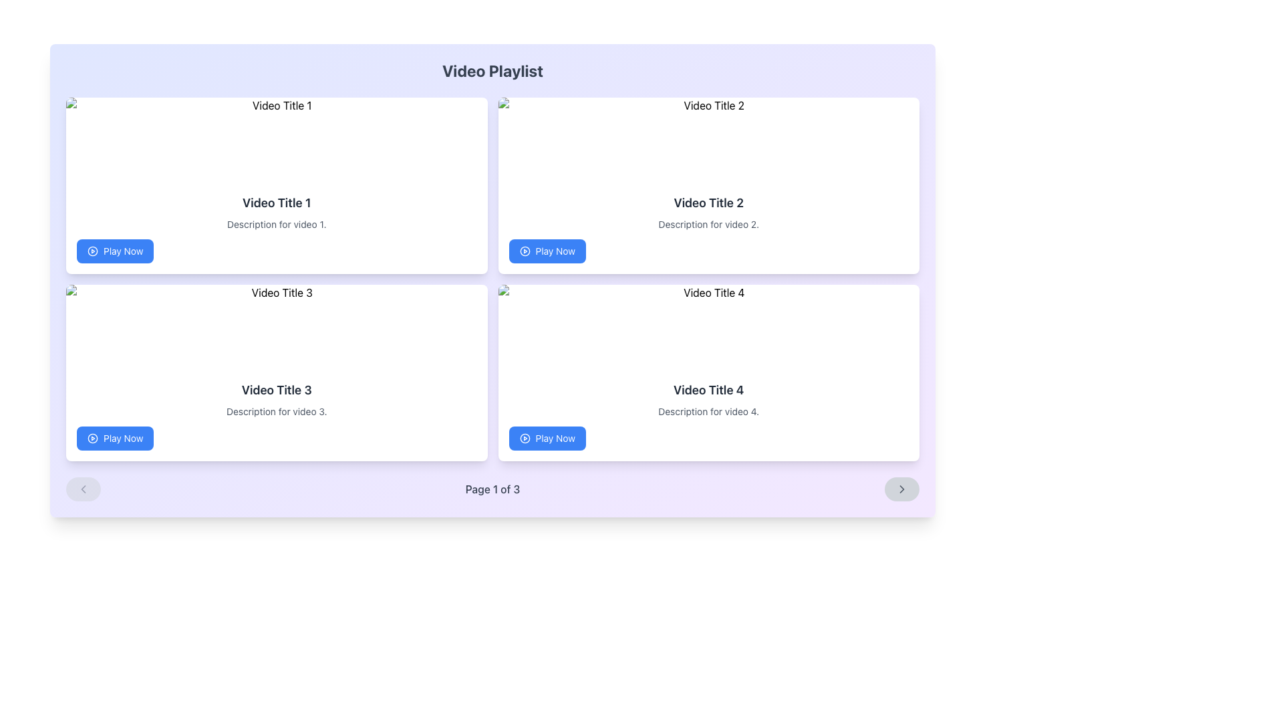  I want to click on the thumbnail image for 'Video Title 2', so click(708, 140).